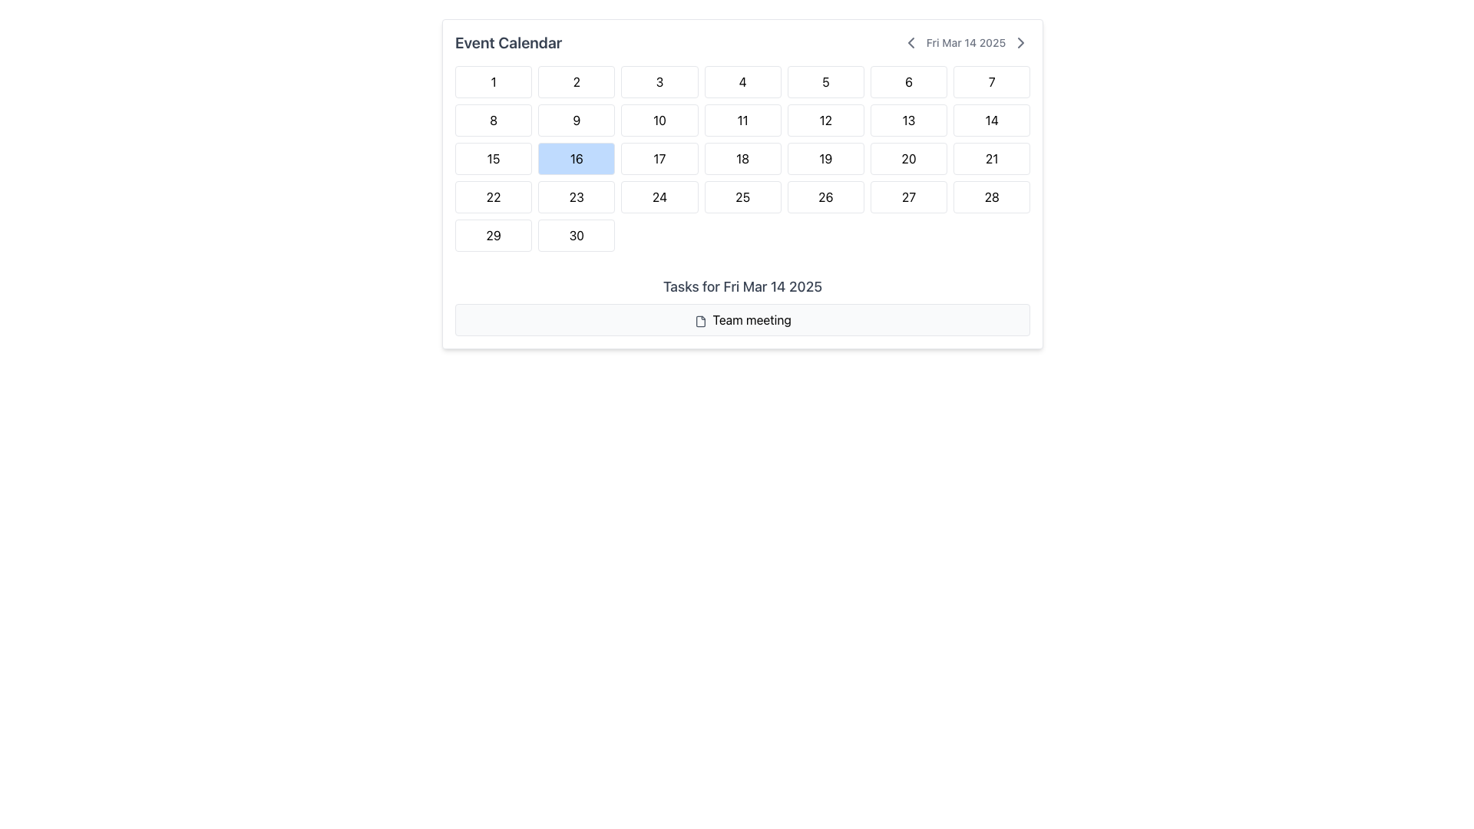  Describe the element at coordinates (825, 82) in the screenshot. I see `the Day cell displaying the number '5' in the first row, fifth column of the calendar grid` at that location.